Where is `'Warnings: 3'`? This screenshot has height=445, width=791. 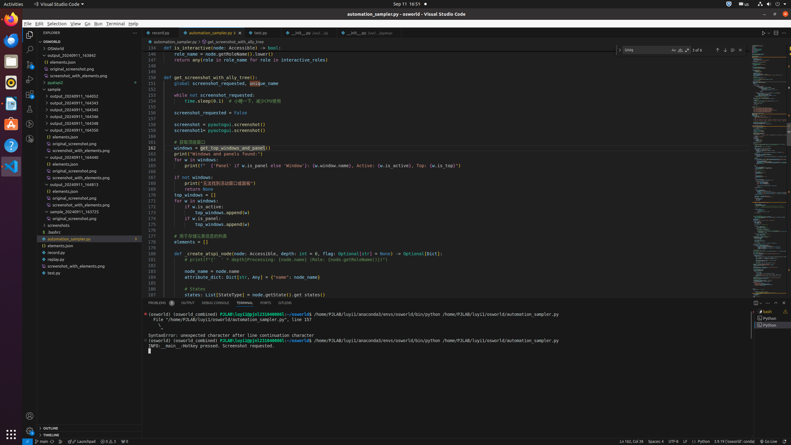
'Warnings: 3' is located at coordinates (108, 441).